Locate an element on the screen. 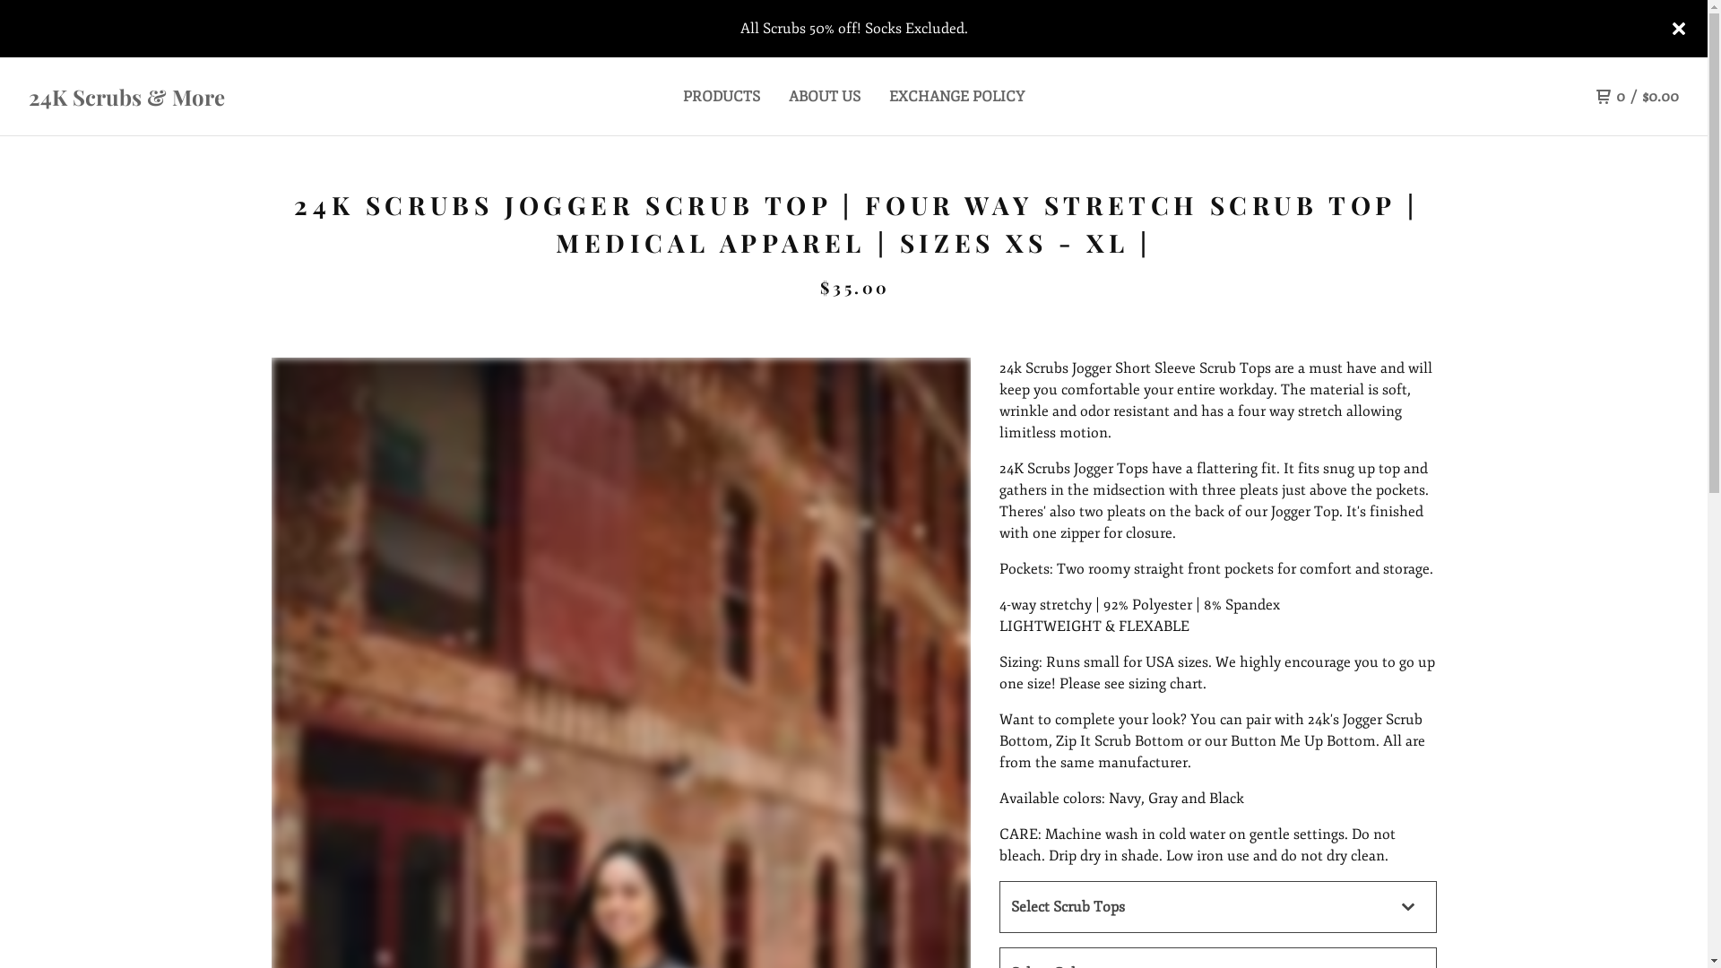  'ABOUT US' is located at coordinates (788, 97).